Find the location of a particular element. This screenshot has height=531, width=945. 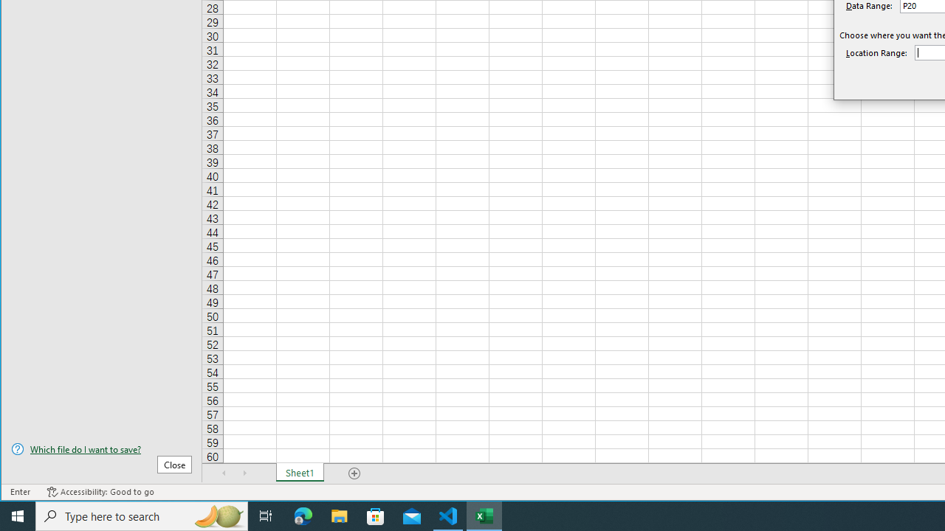

'Scroll Right' is located at coordinates (244, 473).